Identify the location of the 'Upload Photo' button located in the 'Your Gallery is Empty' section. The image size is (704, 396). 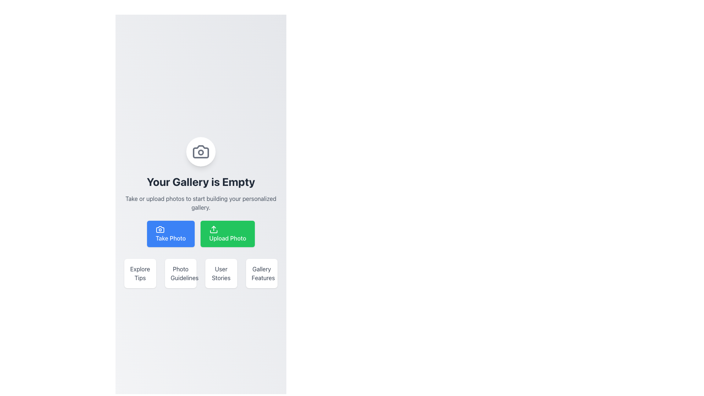
(227, 234).